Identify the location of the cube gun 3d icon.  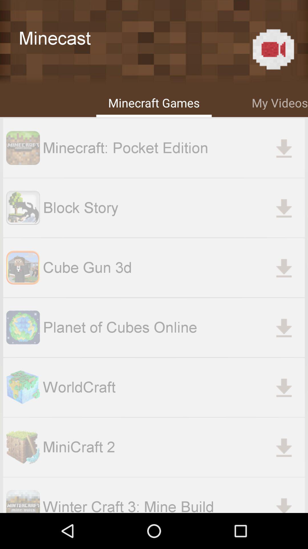
(23, 267).